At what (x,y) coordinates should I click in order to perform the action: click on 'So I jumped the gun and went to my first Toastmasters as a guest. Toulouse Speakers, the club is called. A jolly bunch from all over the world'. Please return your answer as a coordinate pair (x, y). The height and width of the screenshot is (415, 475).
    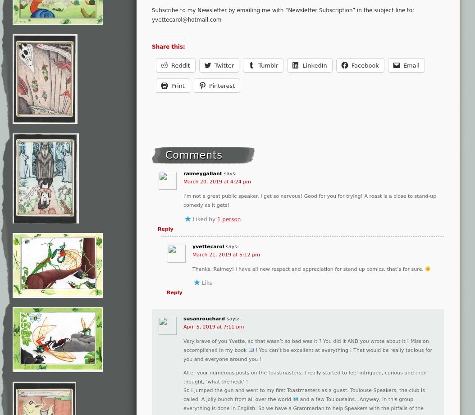
    Looking at the image, I should click on (304, 394).